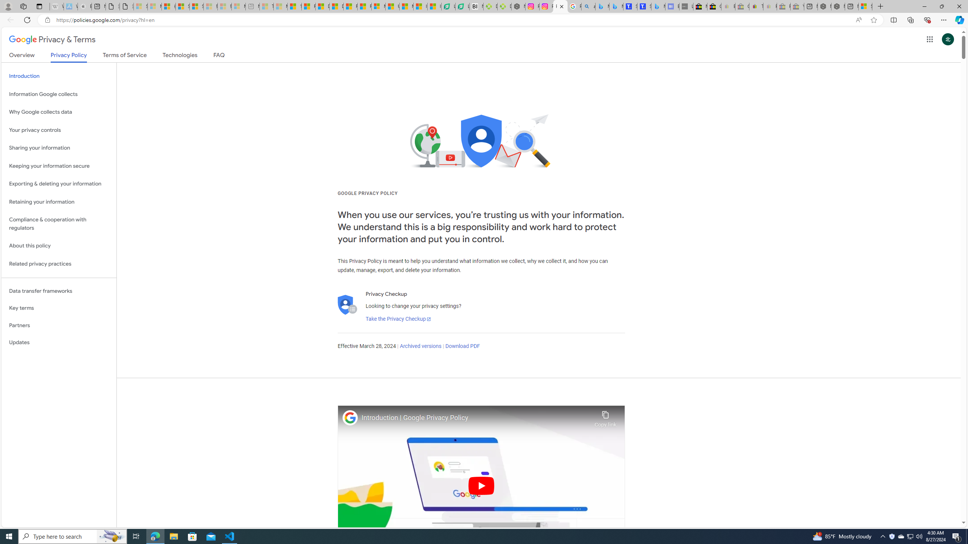  What do you see at coordinates (605, 416) in the screenshot?
I see `'Copy link'` at bounding box center [605, 416].